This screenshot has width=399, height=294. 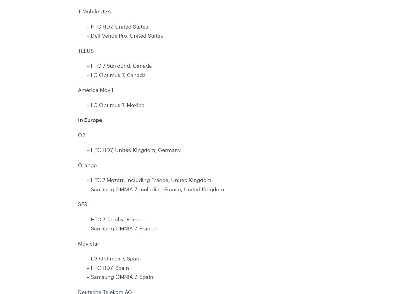 What do you see at coordinates (134, 150) in the screenshot?
I see `'– HTC HD7, United Kingdom, Germany'` at bounding box center [134, 150].